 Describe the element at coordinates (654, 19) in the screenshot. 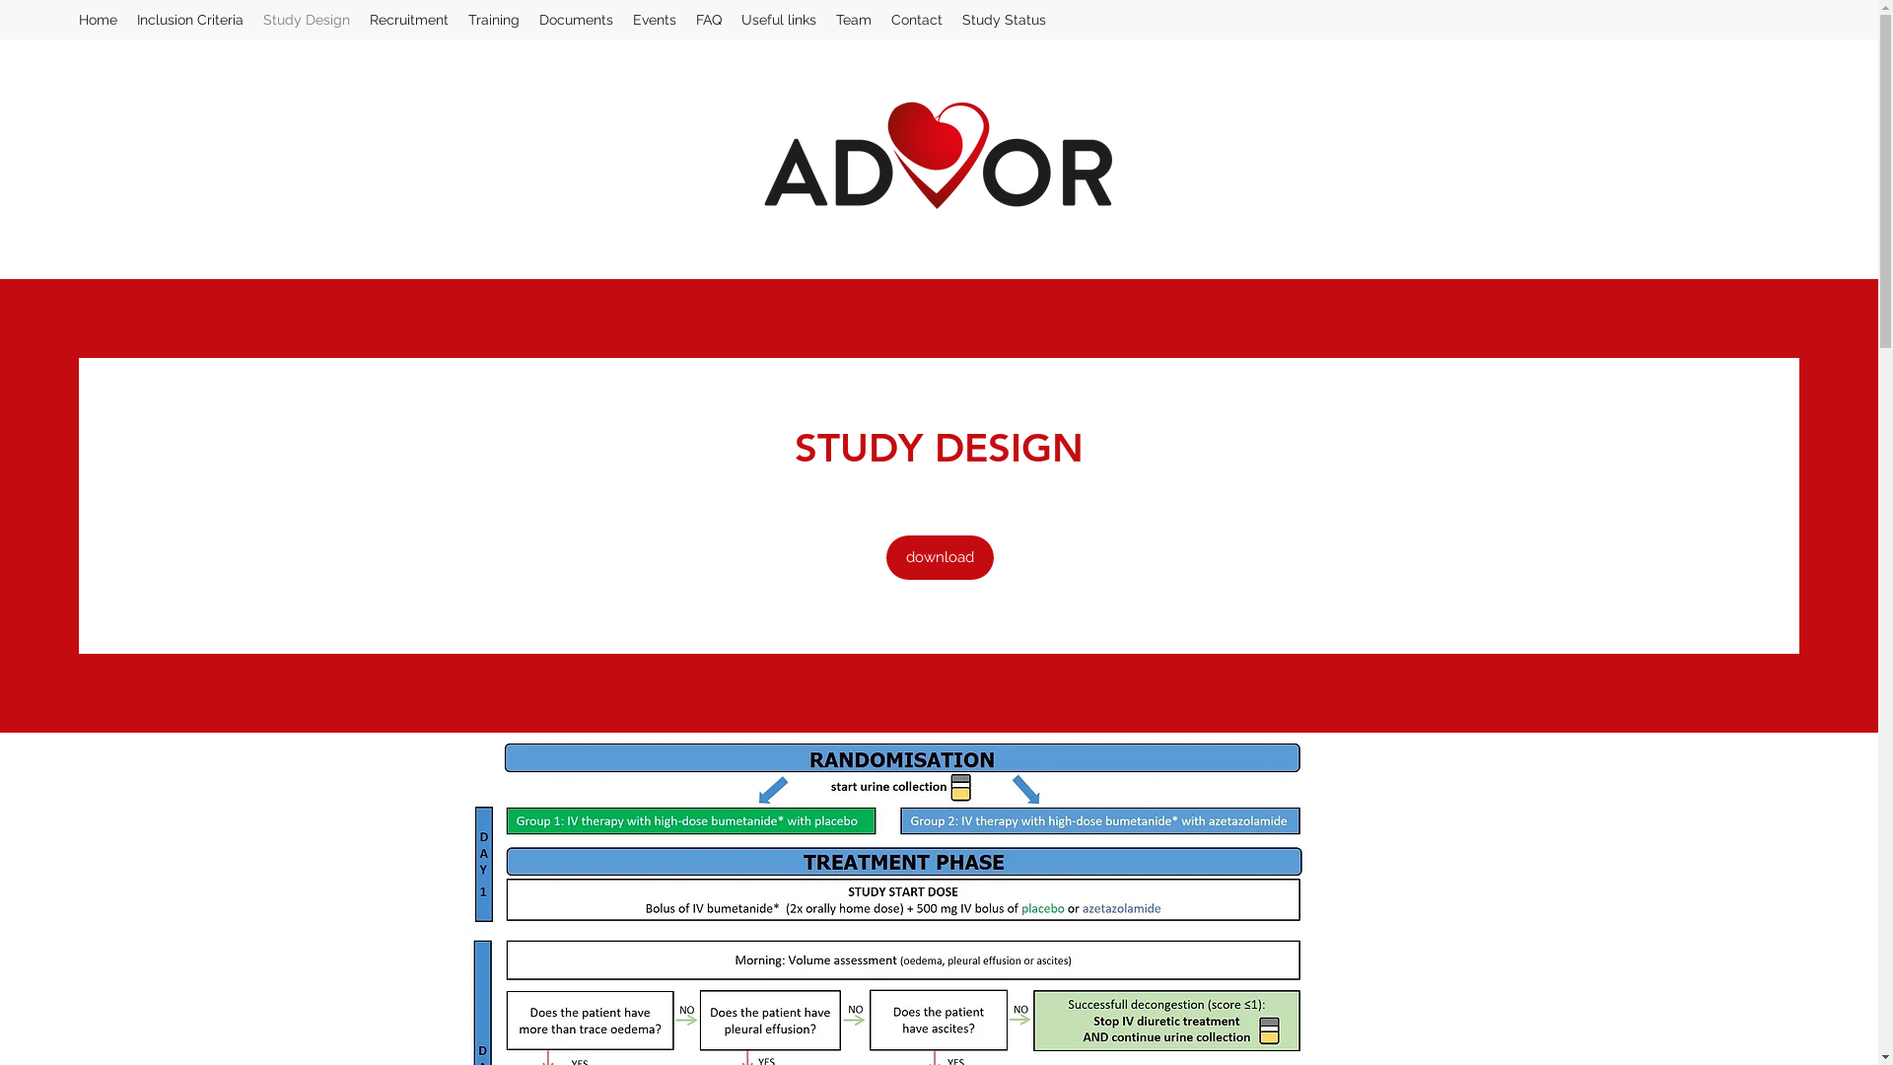

I see `'Events'` at that location.